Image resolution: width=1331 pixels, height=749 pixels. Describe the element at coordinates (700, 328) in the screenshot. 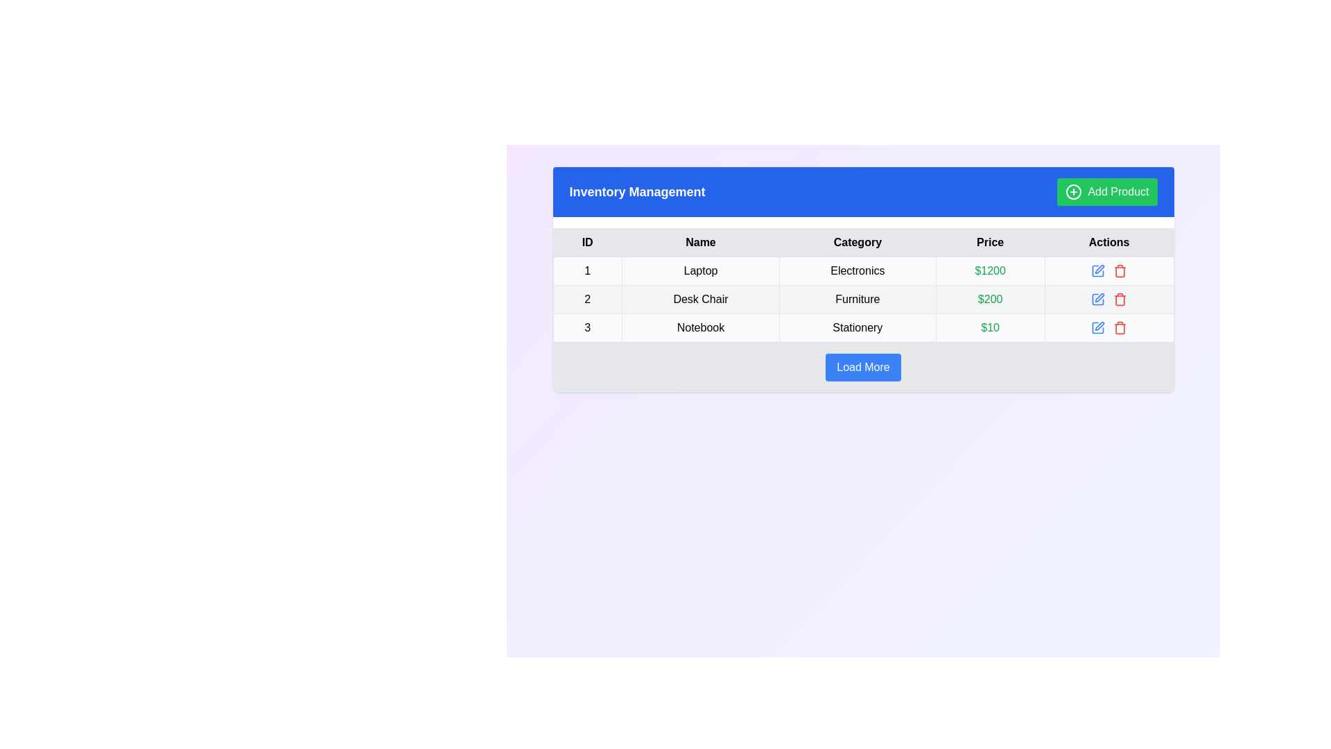

I see `the 'Notebook' text label in the inventory management table, which is located in the third row of the 'Name' column, positioned between the ID number '3' and the category 'Stationery'` at that location.